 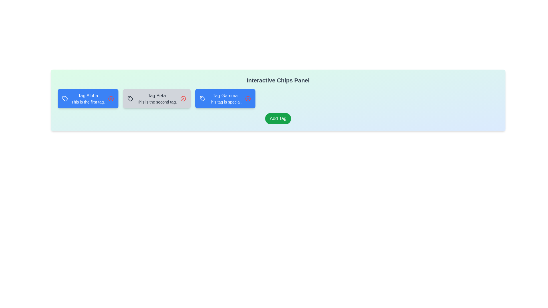 I want to click on the red close button of the chip labeled Tag Beta, so click(x=183, y=98).